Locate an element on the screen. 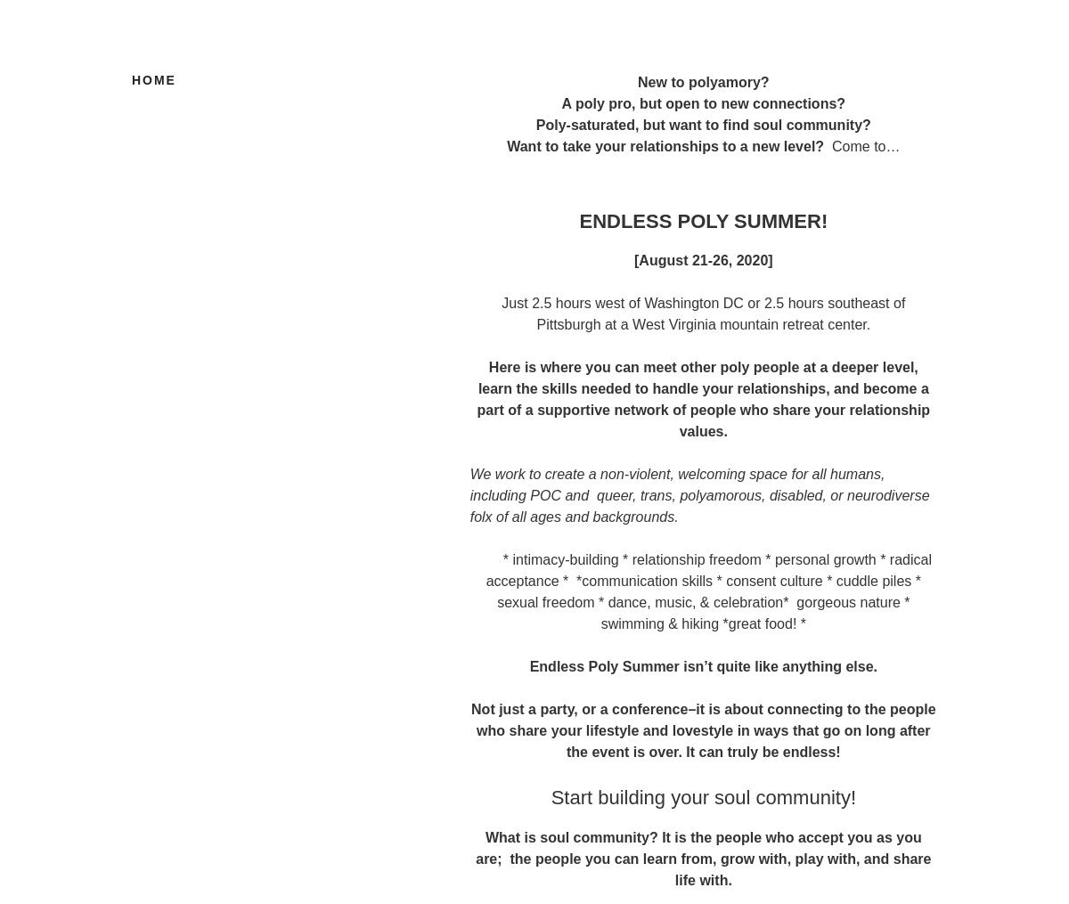 The image size is (1069, 904). 'Here is where you can meet other poly people at a deeper level, learn the skills needed to handle your relationships, and become a part of a supportive network of people who share your relationship values.' is located at coordinates (702, 398).